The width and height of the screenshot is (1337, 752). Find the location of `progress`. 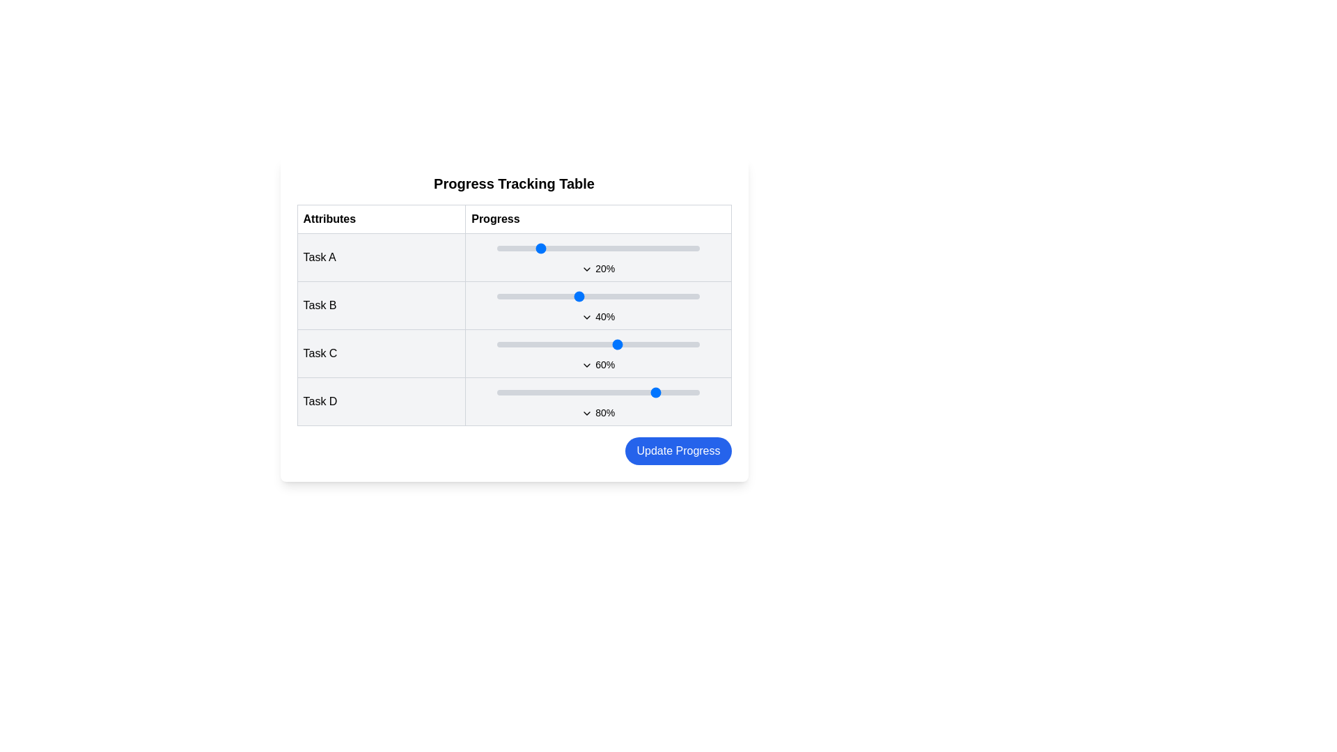

progress is located at coordinates (542, 295).